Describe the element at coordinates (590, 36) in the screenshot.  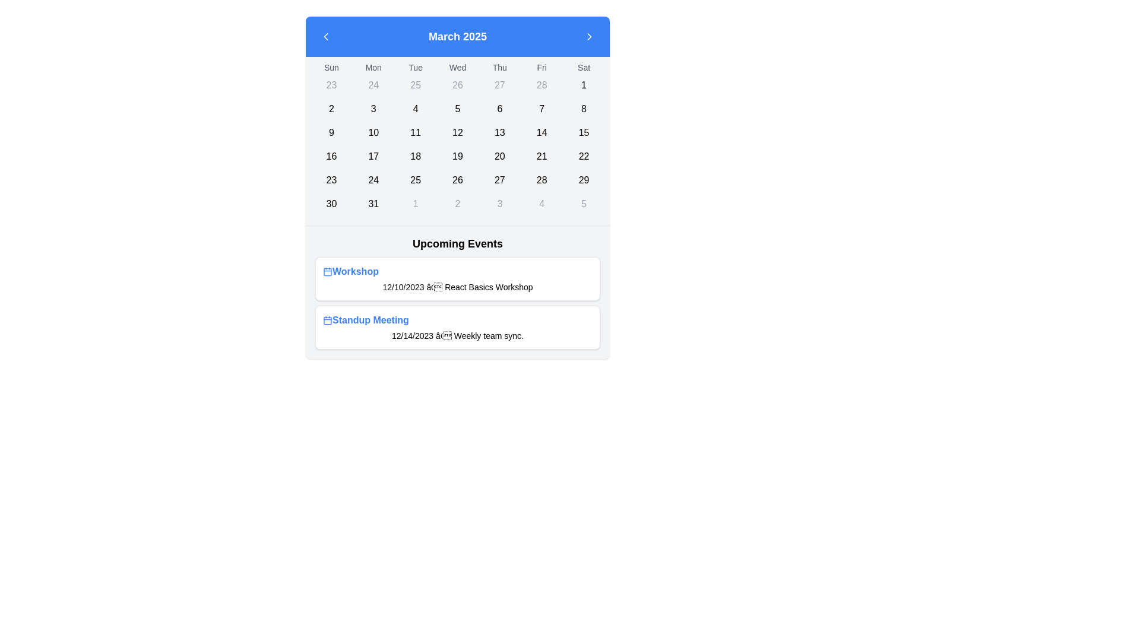
I see `the right-pointing chevron icon in the top-right corner of the blue header labeled 'March 2025'` at that location.